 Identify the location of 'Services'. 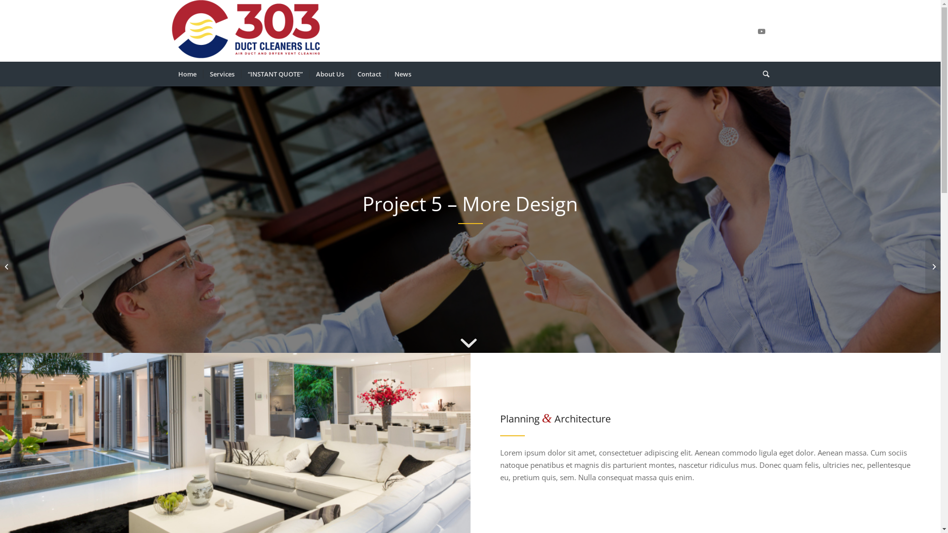
(221, 74).